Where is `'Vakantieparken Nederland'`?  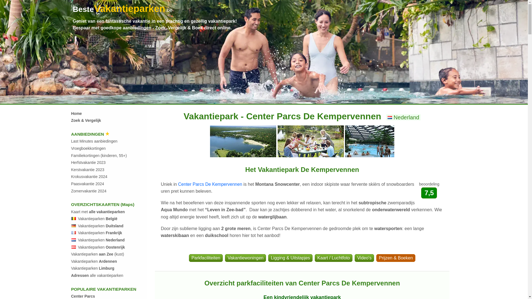 'Vakantieparken Nederland' is located at coordinates (78, 240).